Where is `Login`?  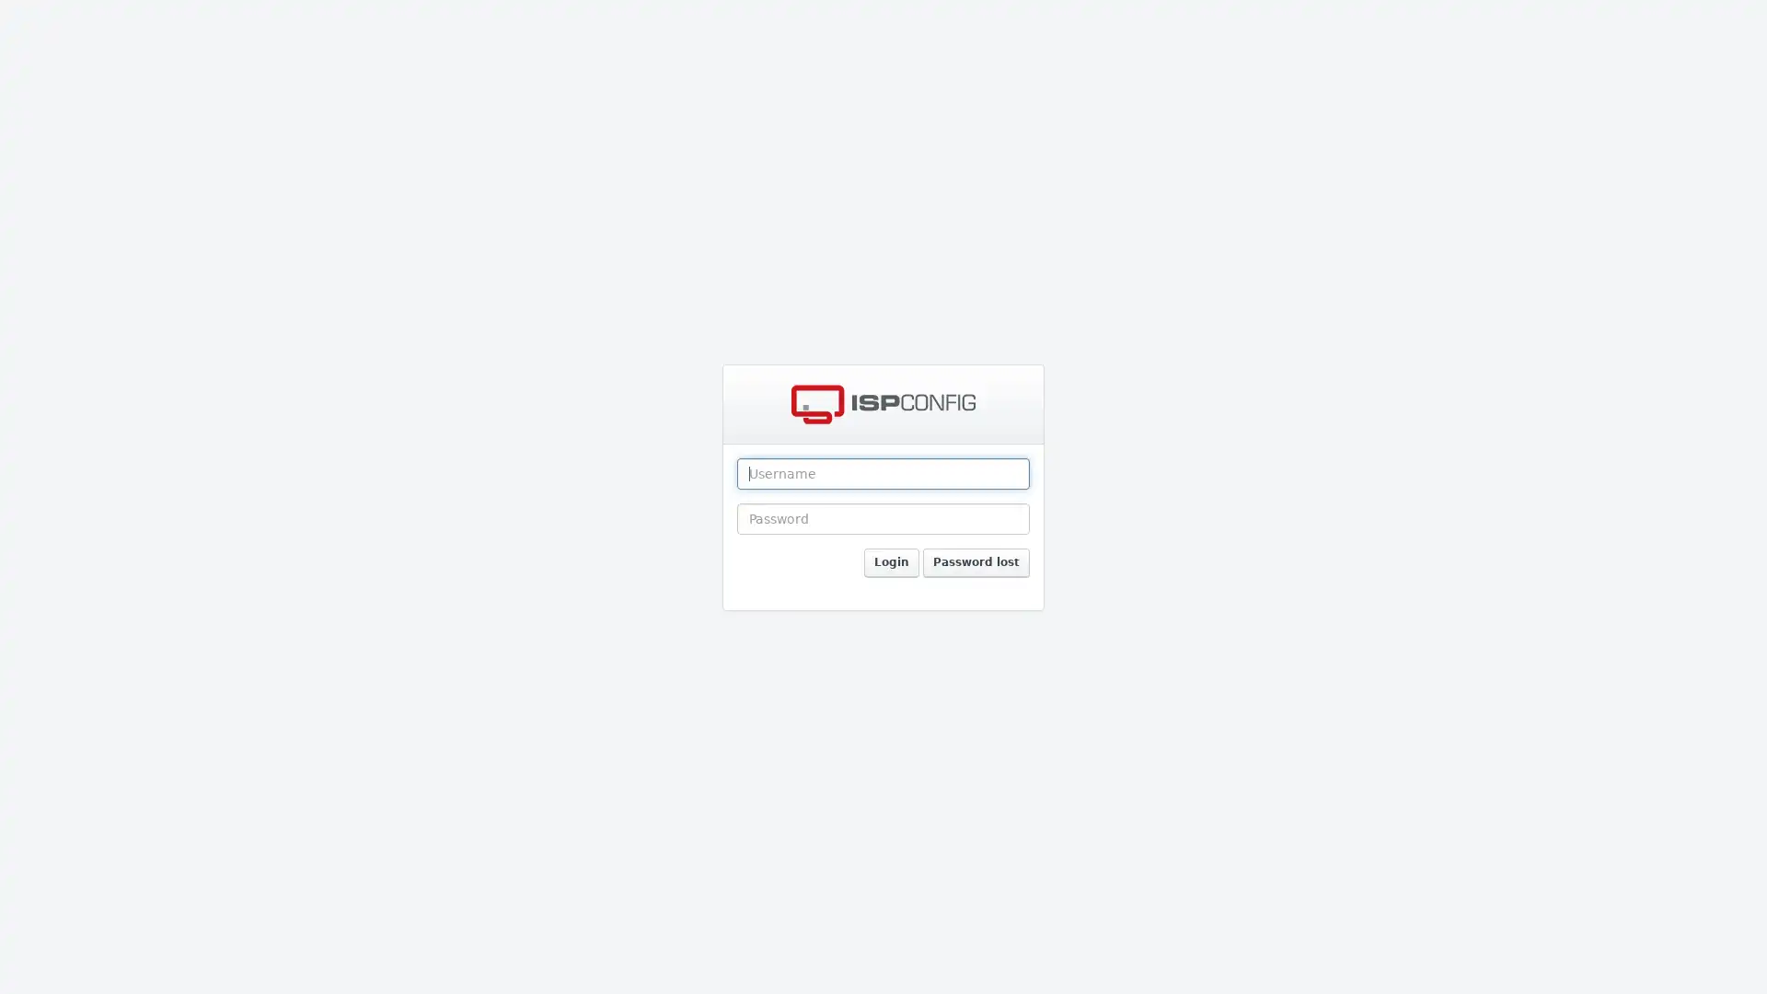 Login is located at coordinates (892, 561).